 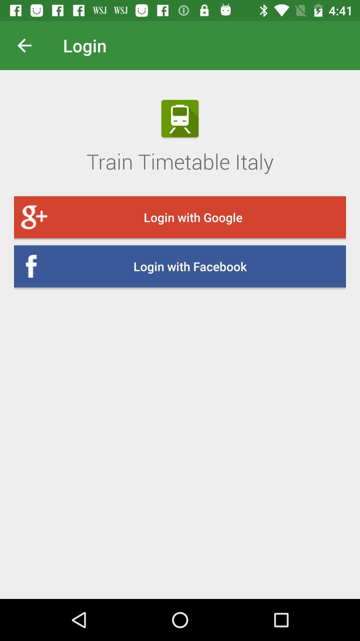 What do you see at coordinates (29, 45) in the screenshot?
I see `item to the left of login` at bounding box center [29, 45].